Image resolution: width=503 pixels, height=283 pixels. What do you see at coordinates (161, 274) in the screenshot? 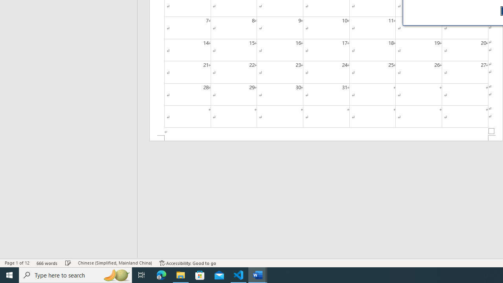
I see `'Microsoft Edge'` at bounding box center [161, 274].